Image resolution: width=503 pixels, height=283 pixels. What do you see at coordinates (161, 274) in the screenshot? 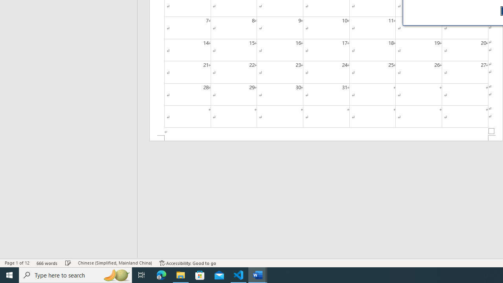
I see `'Microsoft Edge'` at bounding box center [161, 274].